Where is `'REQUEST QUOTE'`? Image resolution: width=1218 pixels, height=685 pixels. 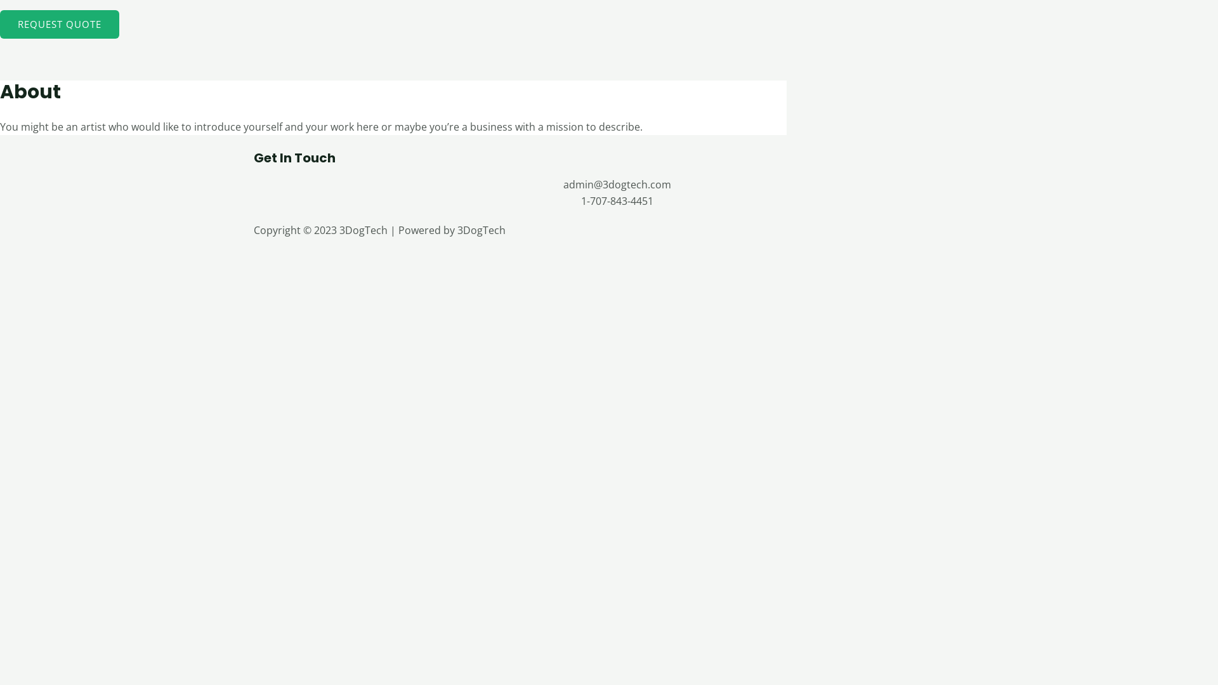 'REQUEST QUOTE' is located at coordinates (59, 24).